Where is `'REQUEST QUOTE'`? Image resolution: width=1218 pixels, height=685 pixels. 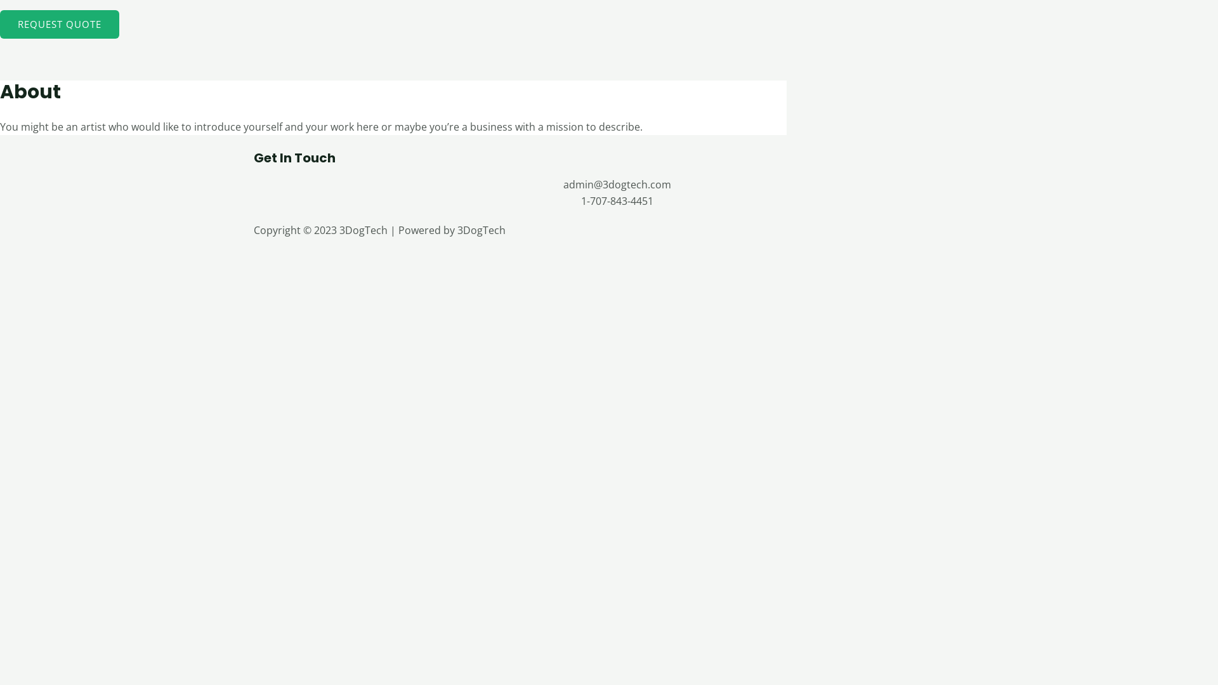 'REQUEST QUOTE' is located at coordinates (59, 24).